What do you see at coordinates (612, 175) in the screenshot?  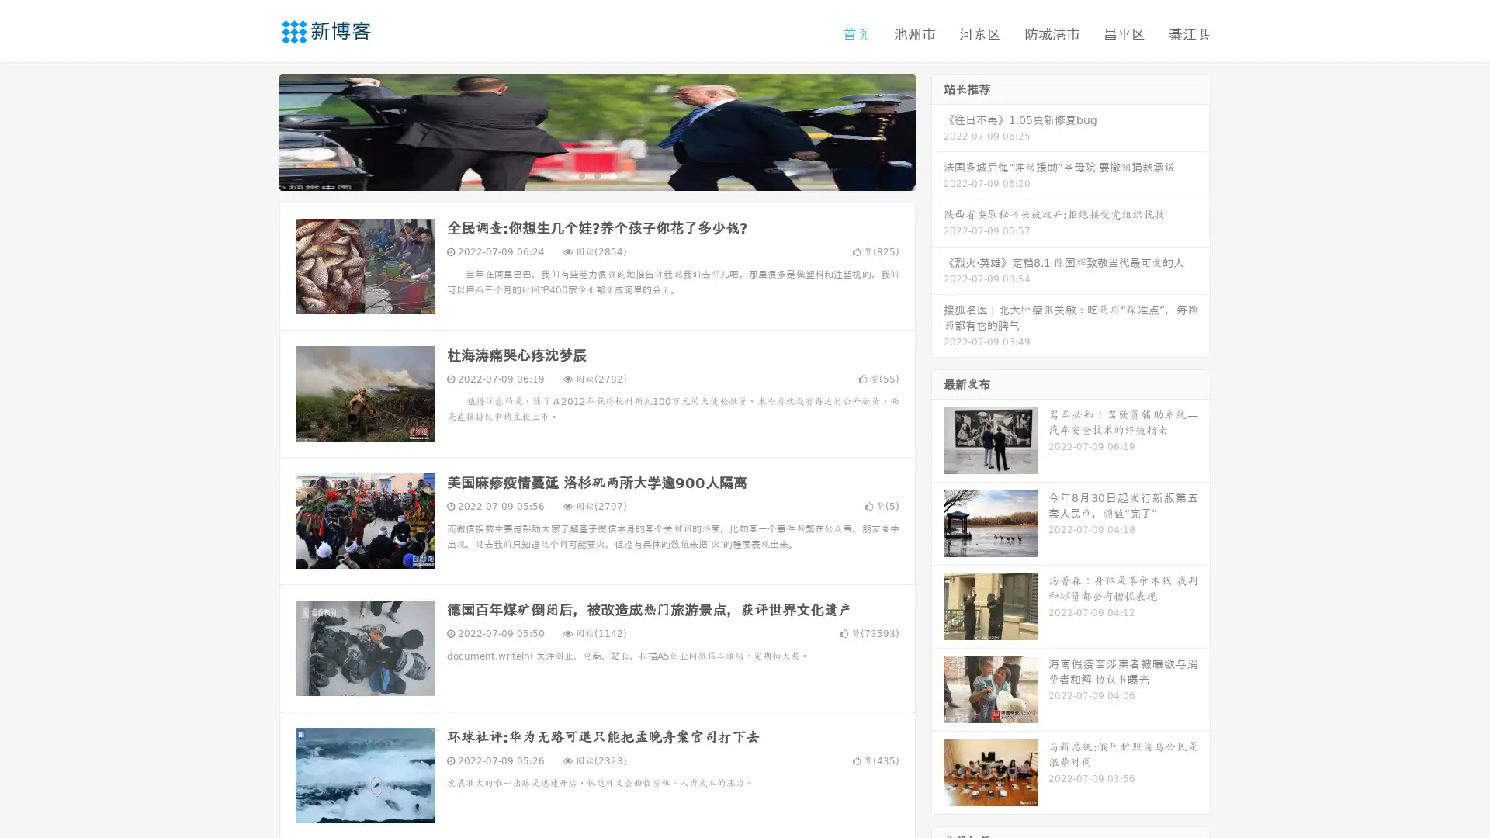 I see `Go to slide 3` at bounding box center [612, 175].